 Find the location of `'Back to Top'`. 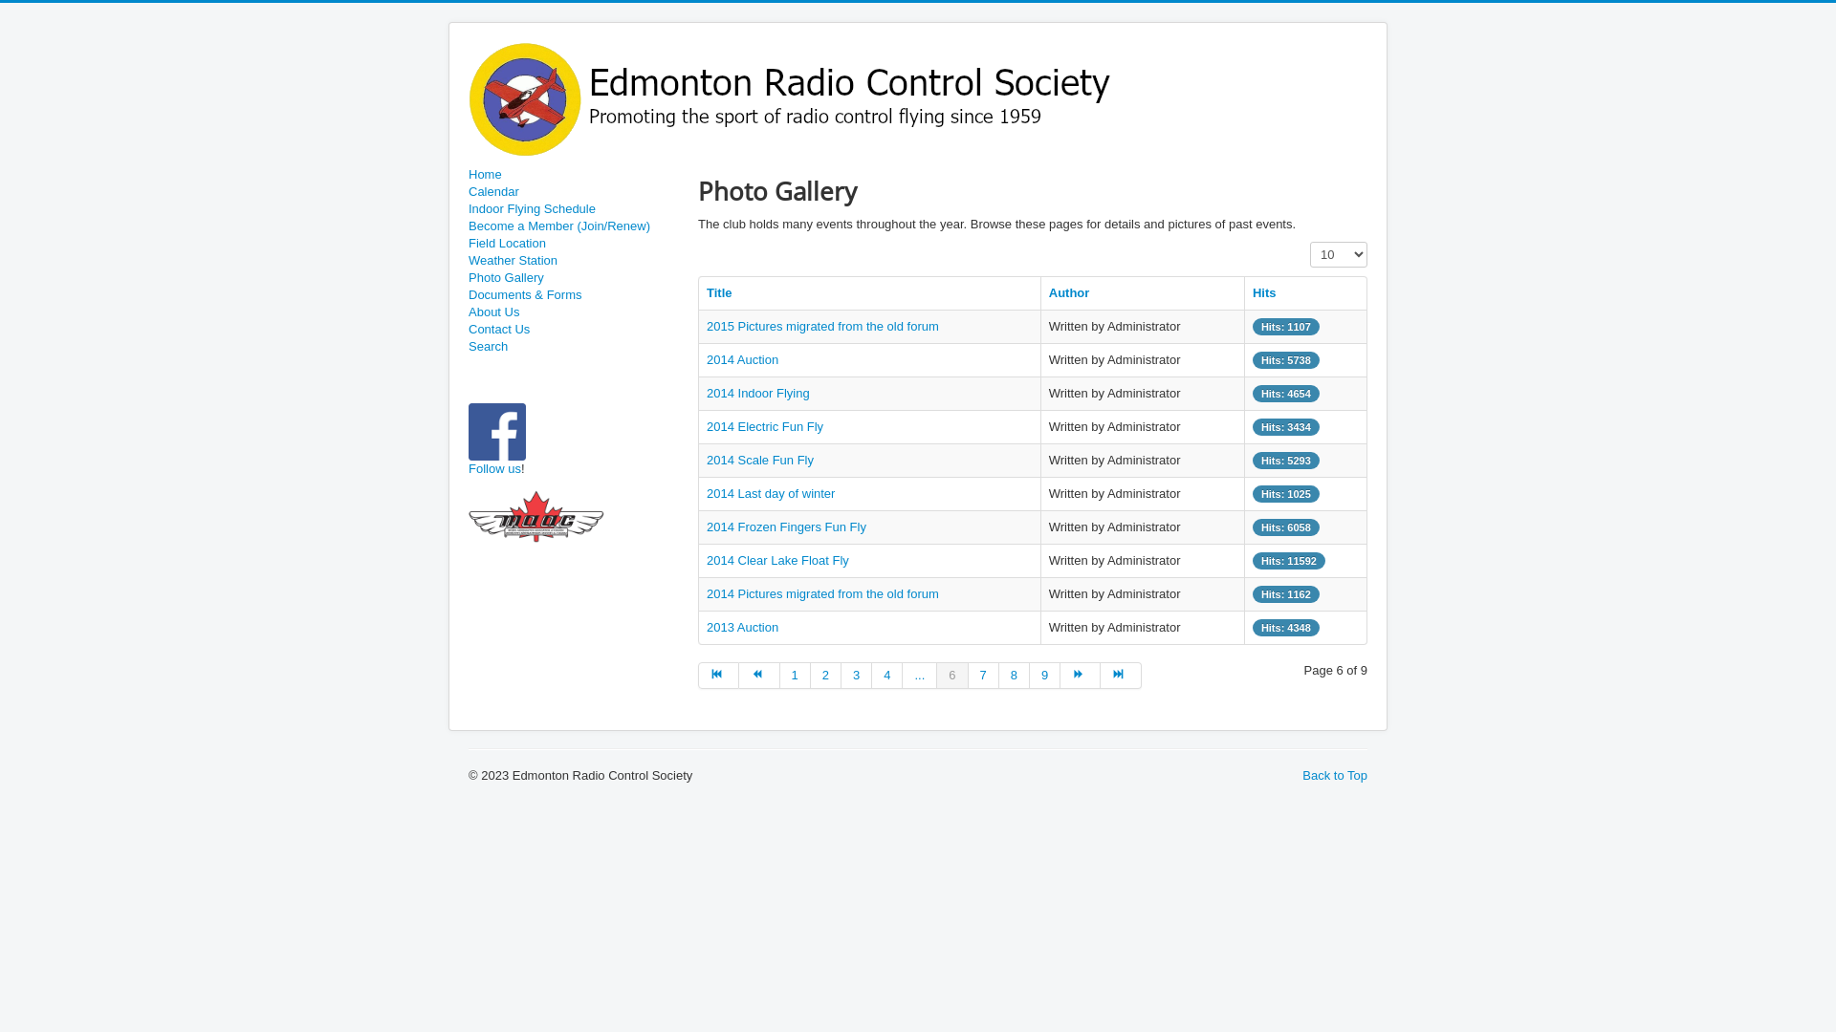

'Back to Top' is located at coordinates (1334, 775).